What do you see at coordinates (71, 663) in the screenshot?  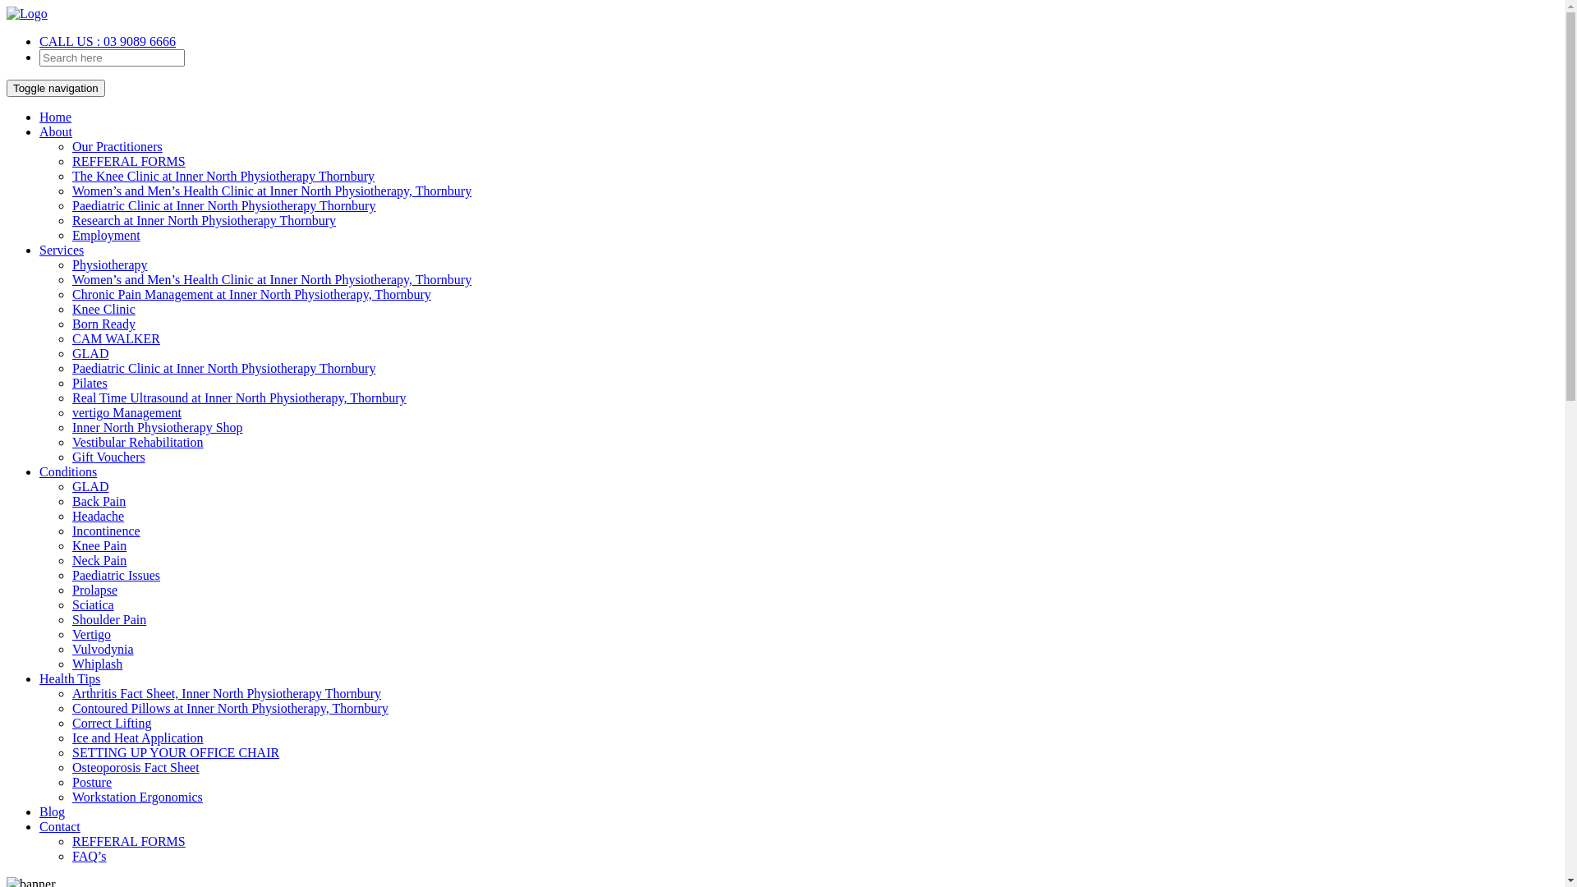 I see `'Whiplash'` at bounding box center [71, 663].